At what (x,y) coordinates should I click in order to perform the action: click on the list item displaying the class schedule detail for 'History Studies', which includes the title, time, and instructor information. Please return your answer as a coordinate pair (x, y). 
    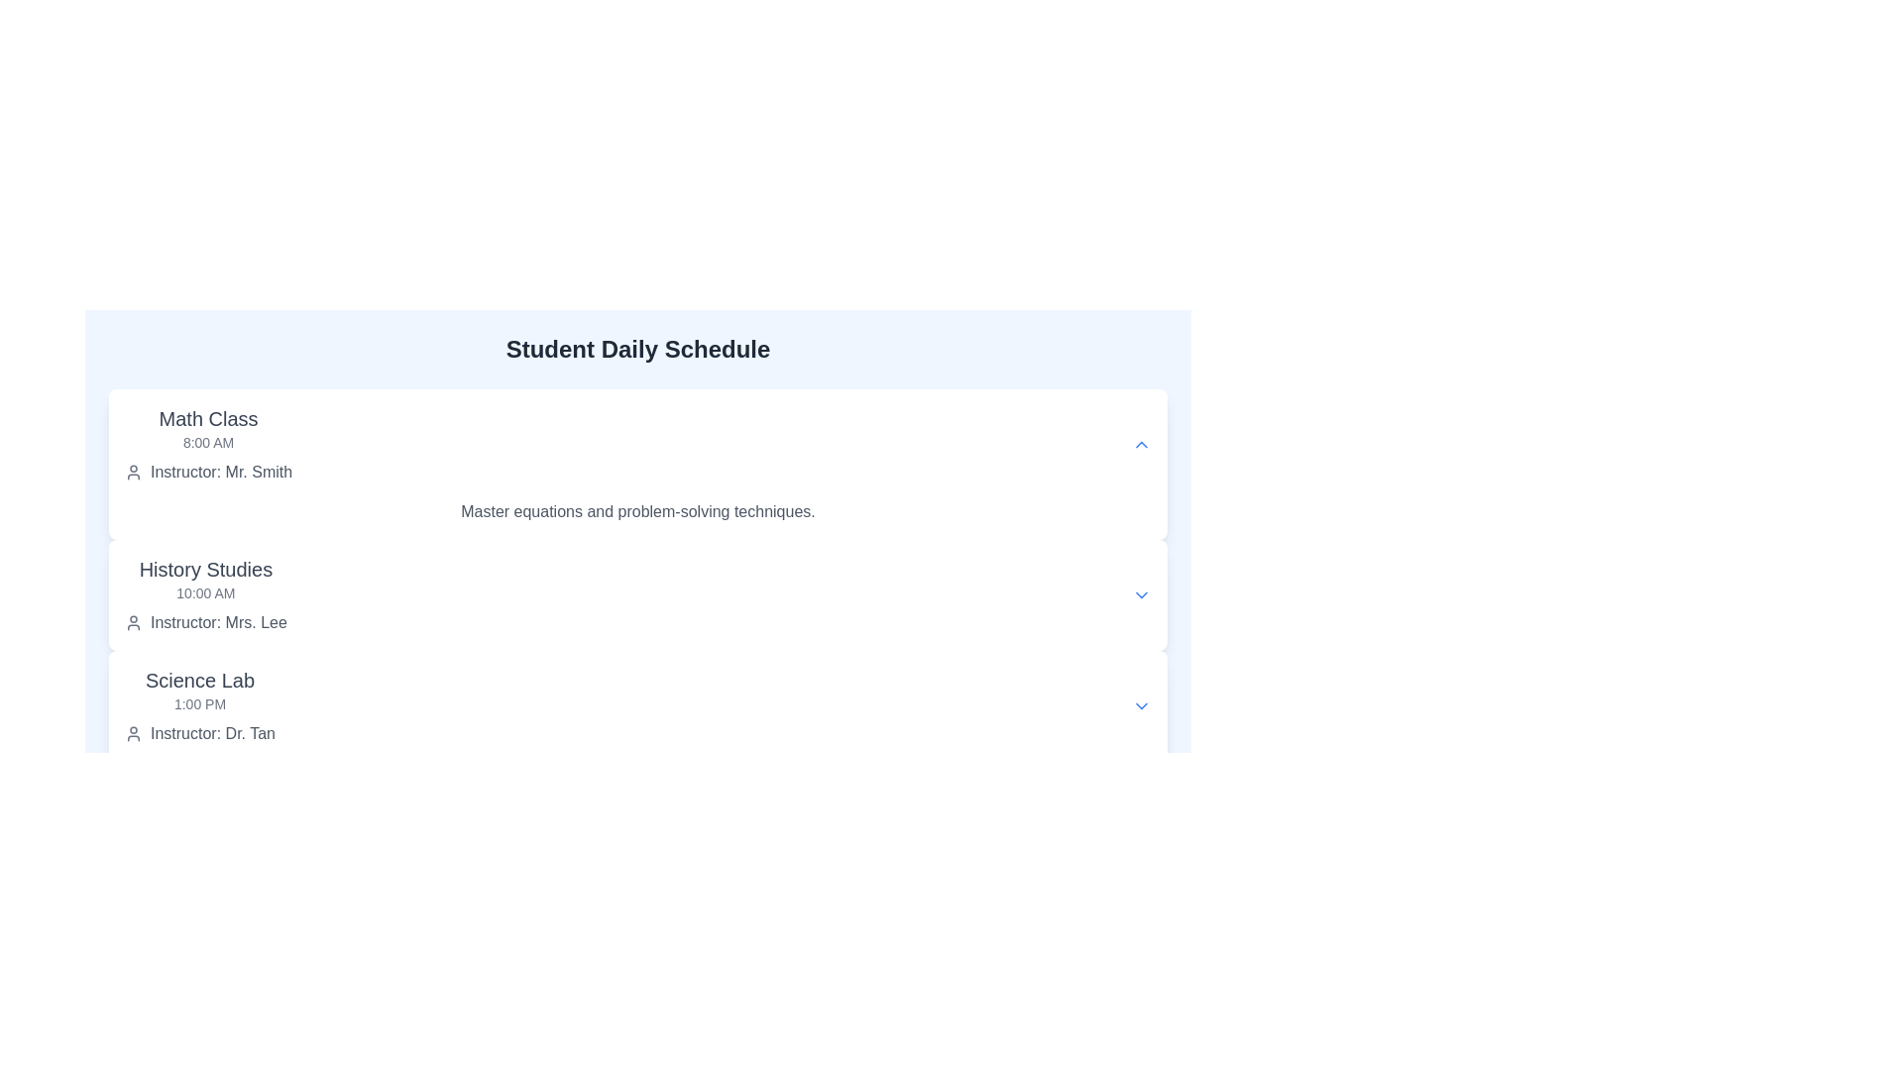
    Looking at the image, I should click on (205, 594).